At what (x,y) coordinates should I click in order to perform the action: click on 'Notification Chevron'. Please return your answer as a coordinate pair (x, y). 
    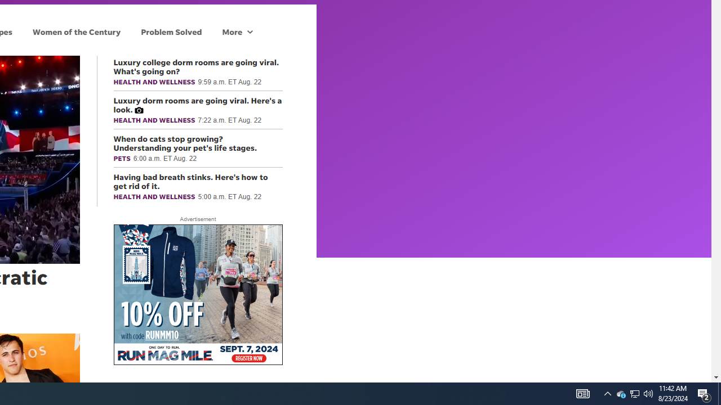
    Looking at the image, I should click on (620, 393).